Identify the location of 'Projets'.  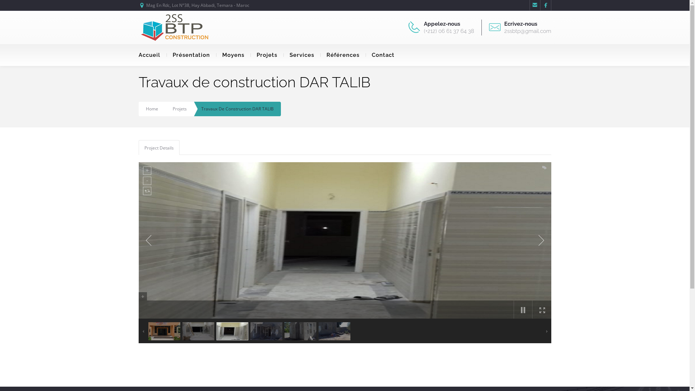
(172, 109).